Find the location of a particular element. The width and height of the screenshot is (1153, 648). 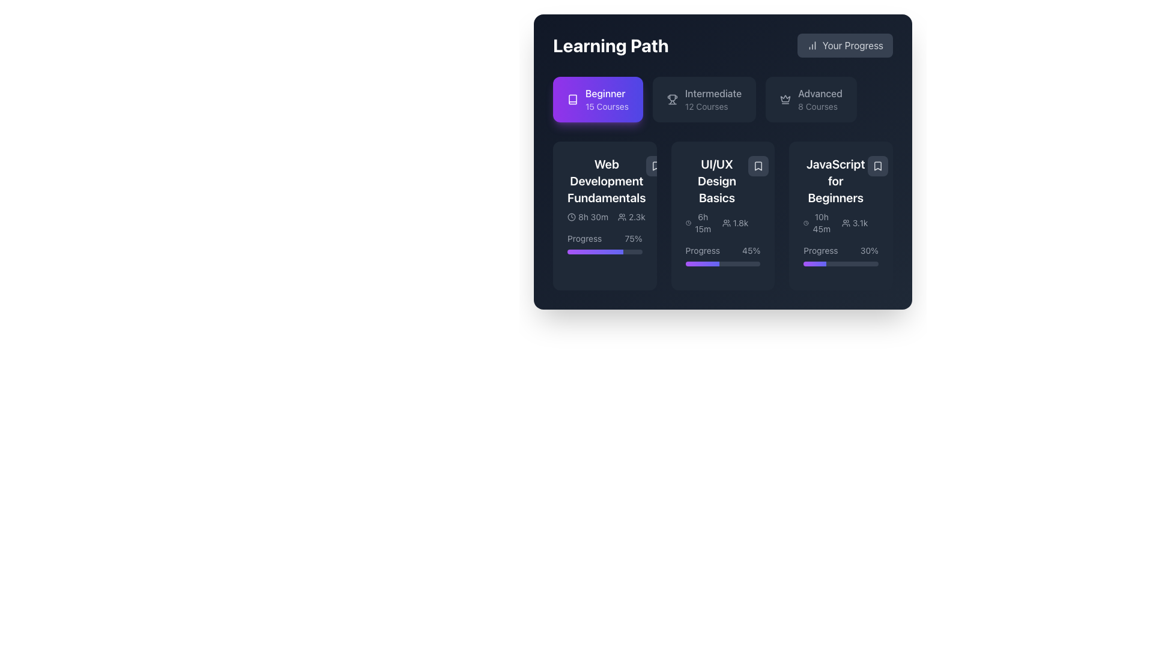

the horizontal progress bar located in the 'JavaScript for Beginners' section, which shows 30% completion and is directly under the text 'Progress 30%' is located at coordinates (840, 263).